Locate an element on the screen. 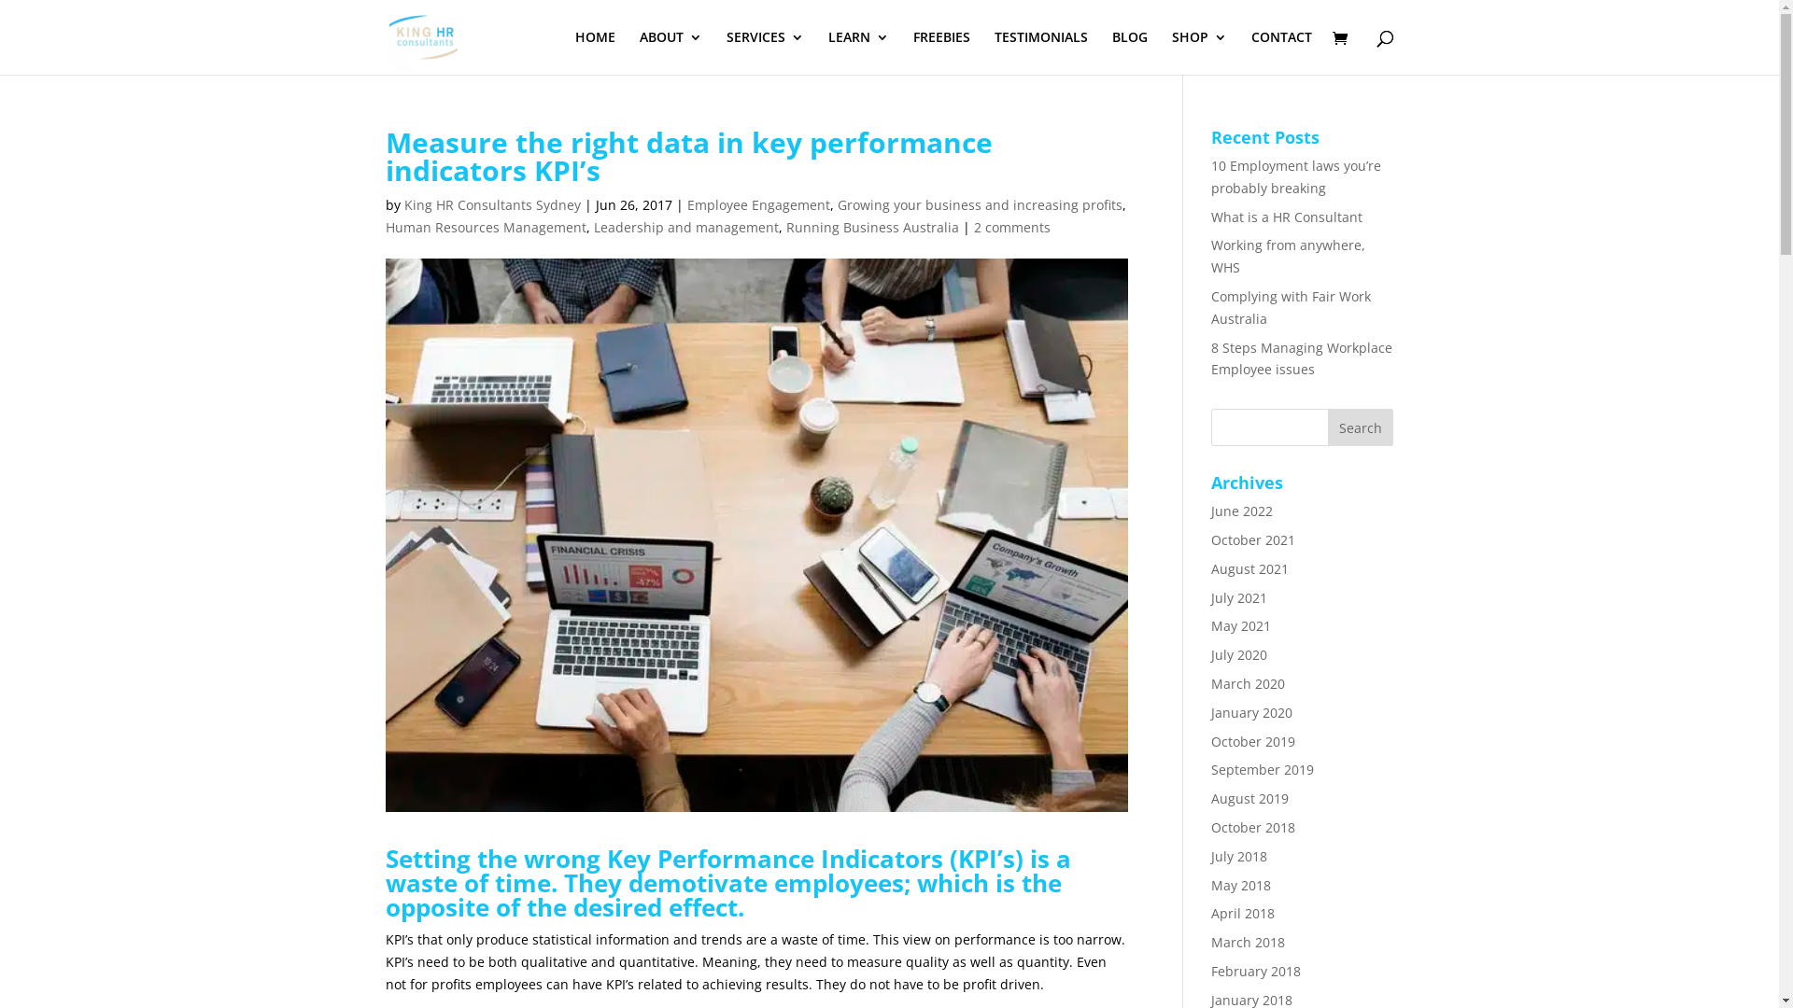  'June 2022' is located at coordinates (1241, 511).